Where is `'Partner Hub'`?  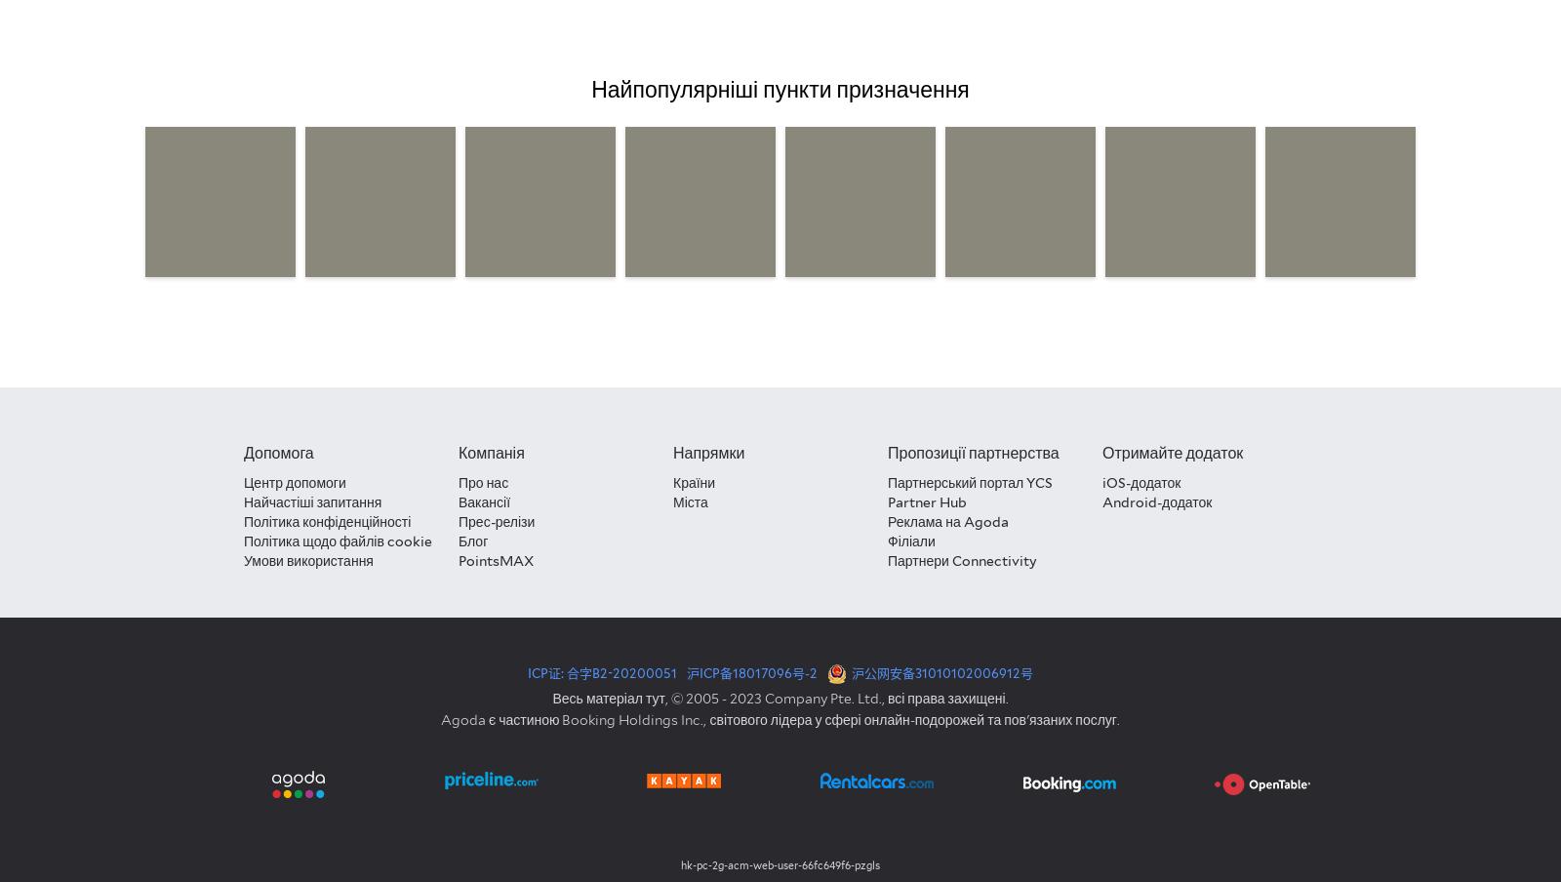 'Partner Hub' is located at coordinates (886, 501).